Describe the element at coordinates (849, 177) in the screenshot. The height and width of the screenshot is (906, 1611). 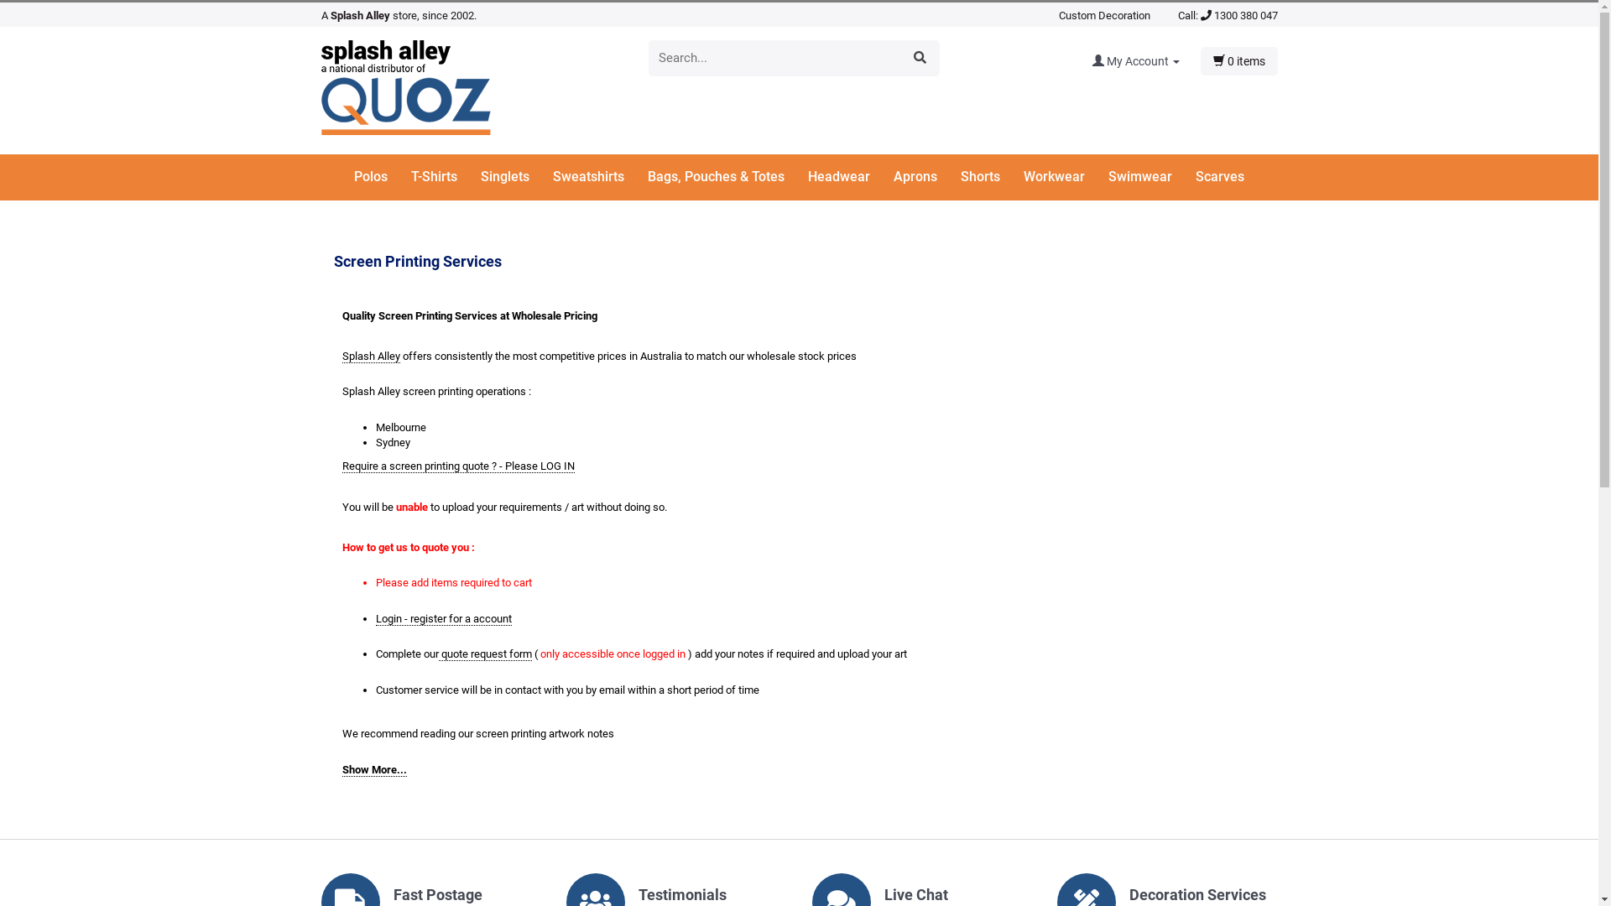
I see `'Headwear'` at that location.